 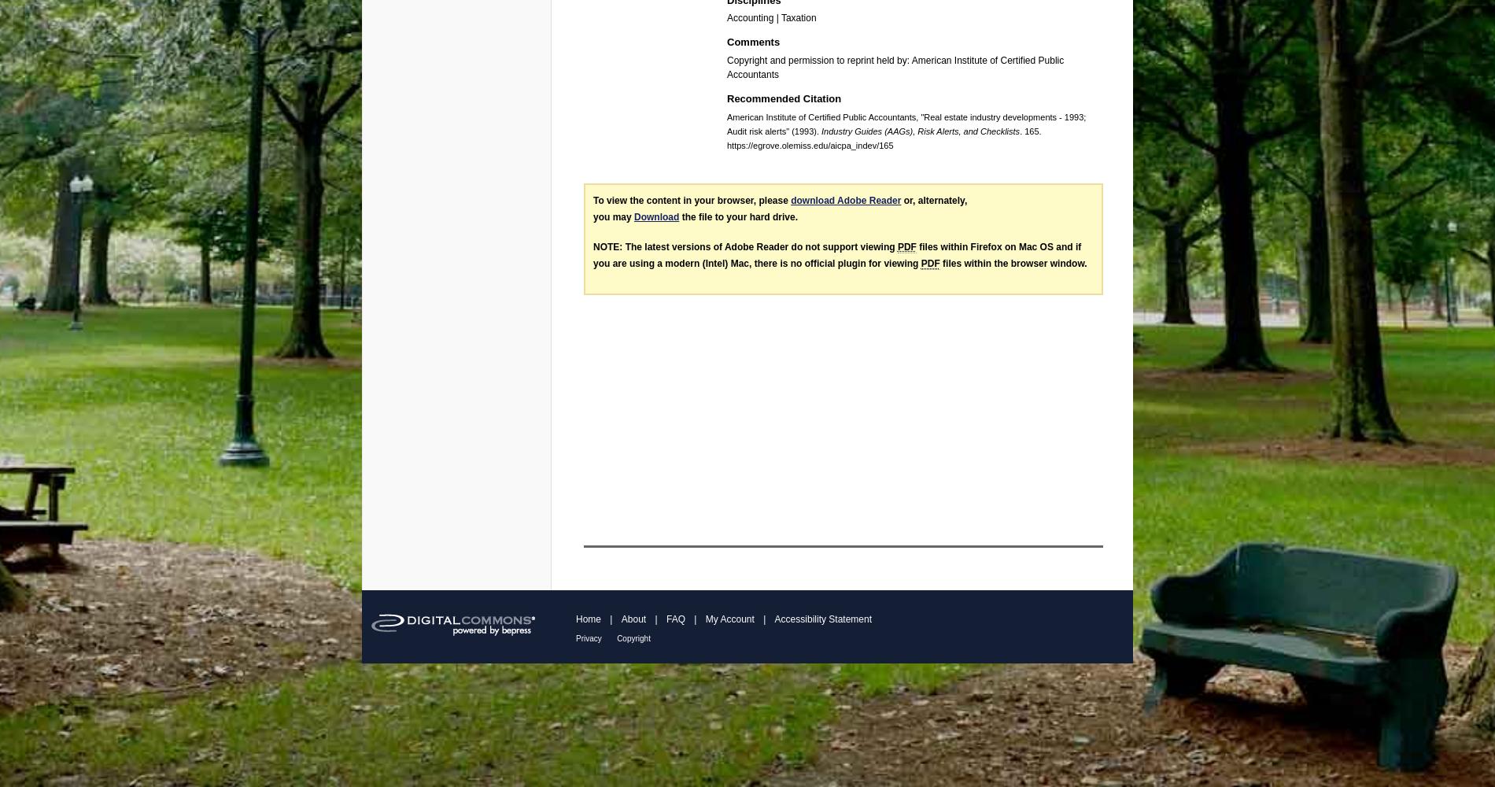 What do you see at coordinates (592, 246) in the screenshot?
I see `'NOTE: The latest versions of Adobe Reader do not support viewing'` at bounding box center [592, 246].